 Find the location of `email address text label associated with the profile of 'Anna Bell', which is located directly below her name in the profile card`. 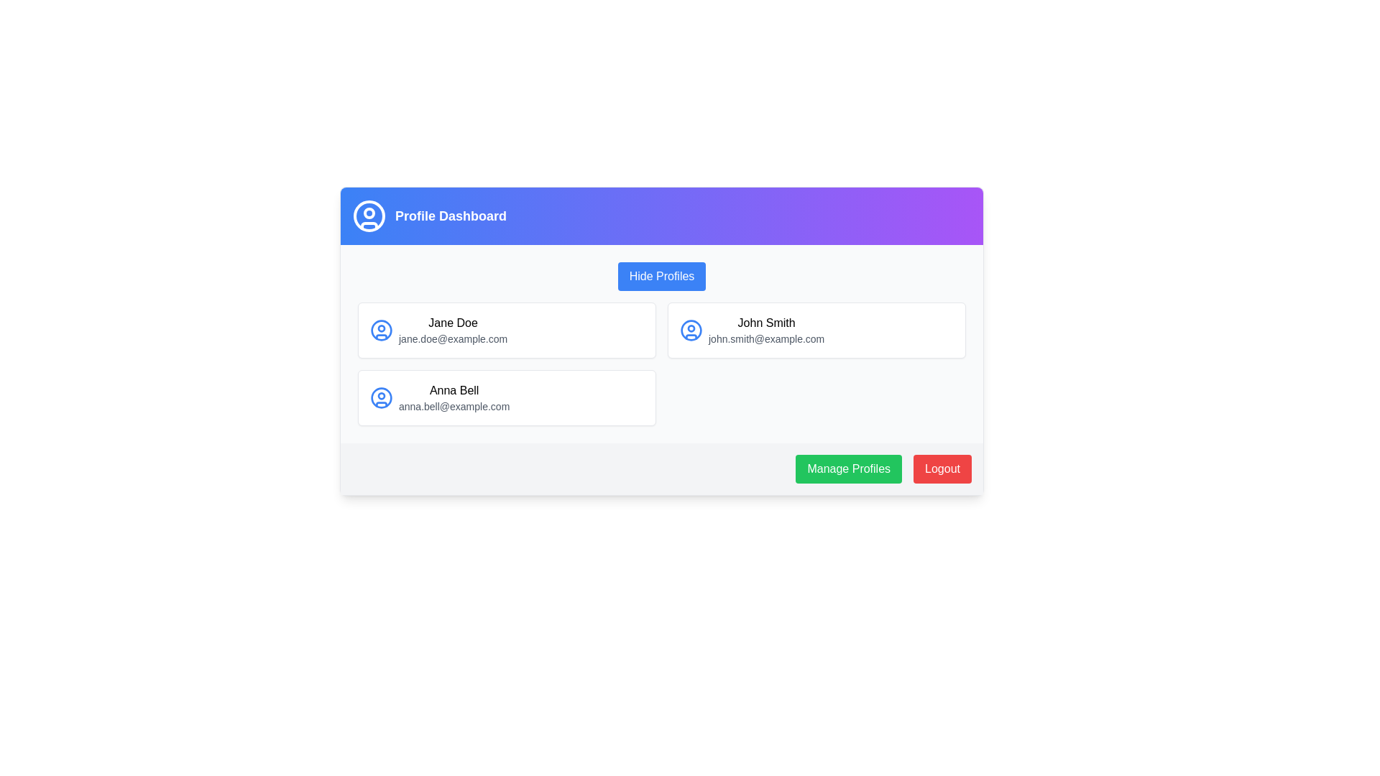

email address text label associated with the profile of 'Anna Bell', which is located directly below her name in the profile card is located at coordinates (454, 407).